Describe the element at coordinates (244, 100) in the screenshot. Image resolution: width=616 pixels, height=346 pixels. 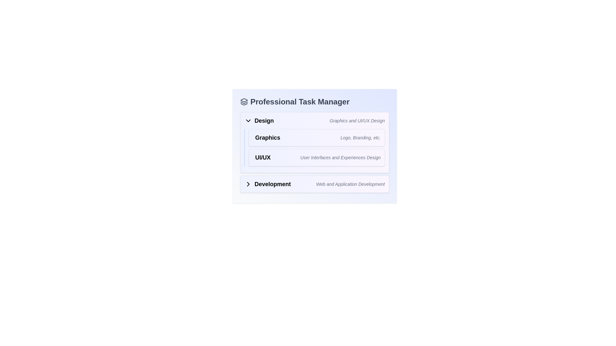
I see `the topmost icon in the Professional Task Manager section, which is part of a vertical stack of three geometric elements` at that location.